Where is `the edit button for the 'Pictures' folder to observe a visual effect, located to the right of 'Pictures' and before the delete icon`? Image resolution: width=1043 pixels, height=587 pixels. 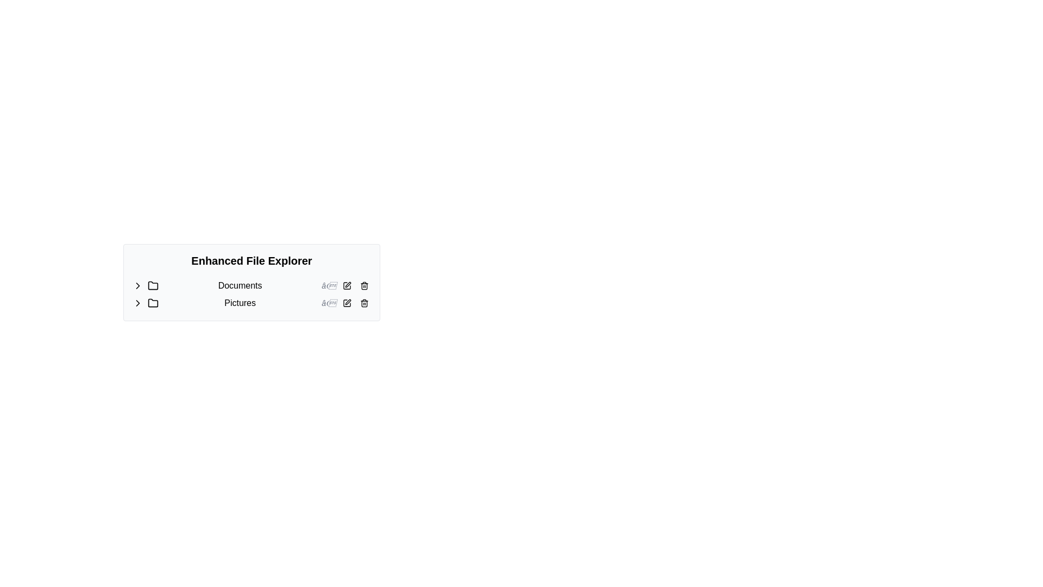 the edit button for the 'Pictures' folder to observe a visual effect, located to the right of 'Pictures' and before the delete icon is located at coordinates (346, 303).